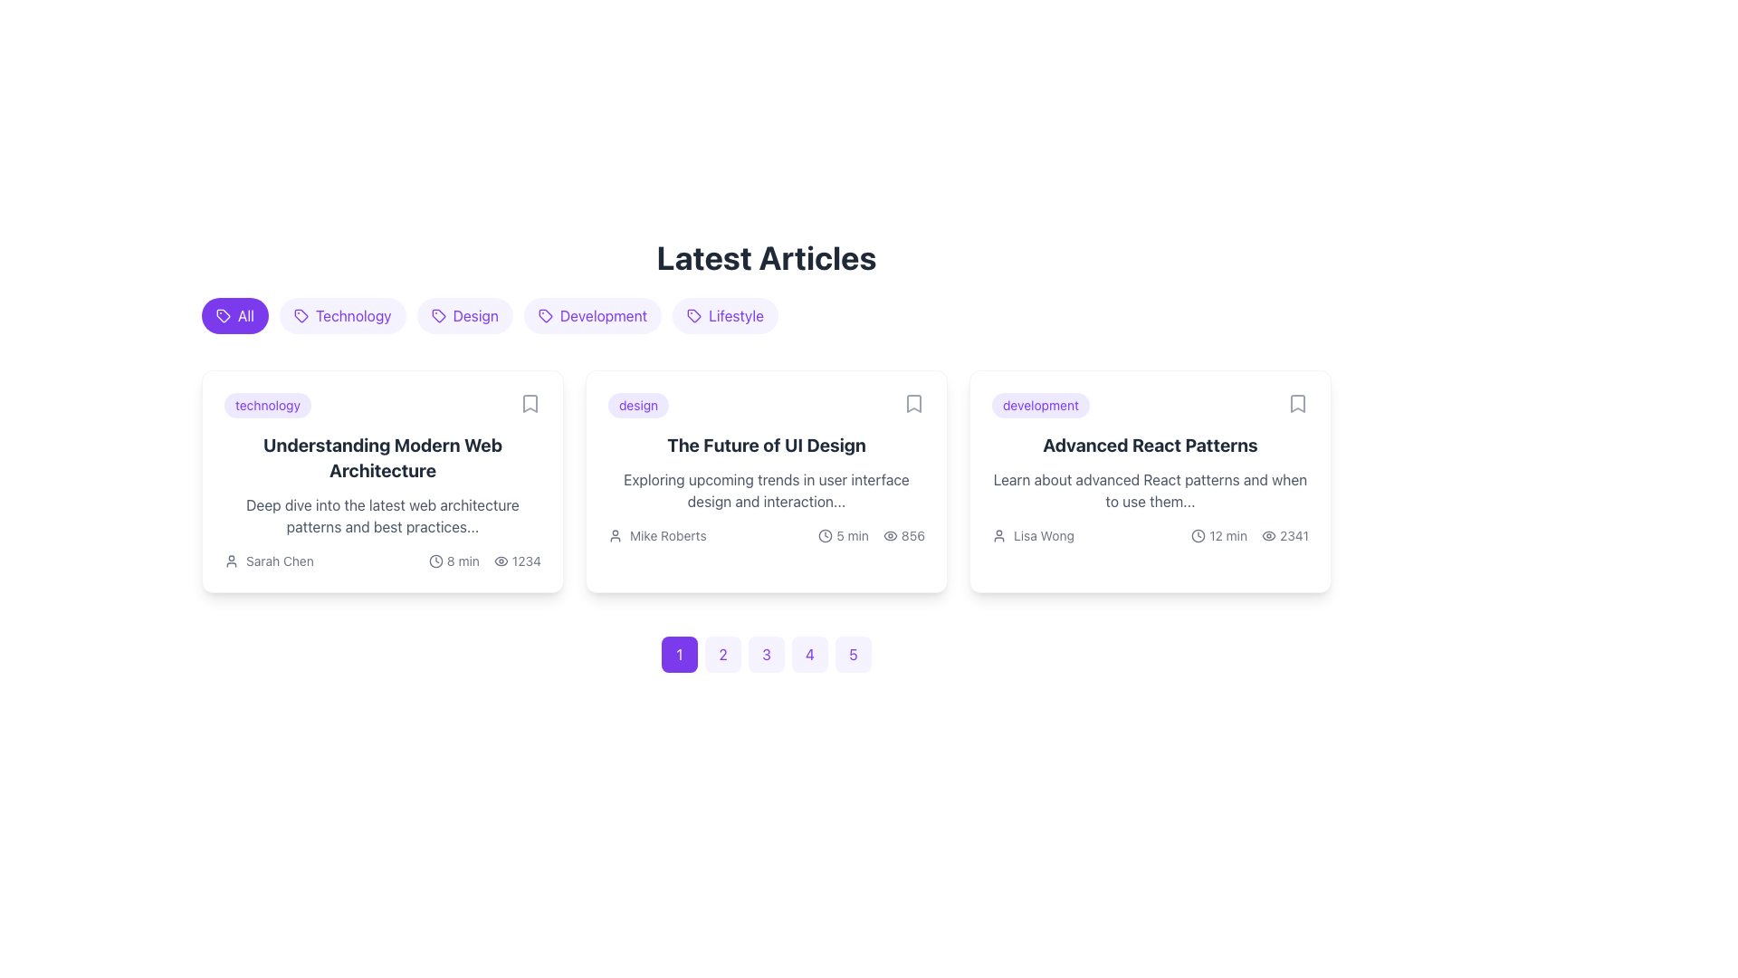 This screenshot has height=978, width=1738. I want to click on the popularity icon with text indicating the number of views for the article titled 'The Future of UI Design', located at the bottom right of the card section of the second article, so click(903, 534).